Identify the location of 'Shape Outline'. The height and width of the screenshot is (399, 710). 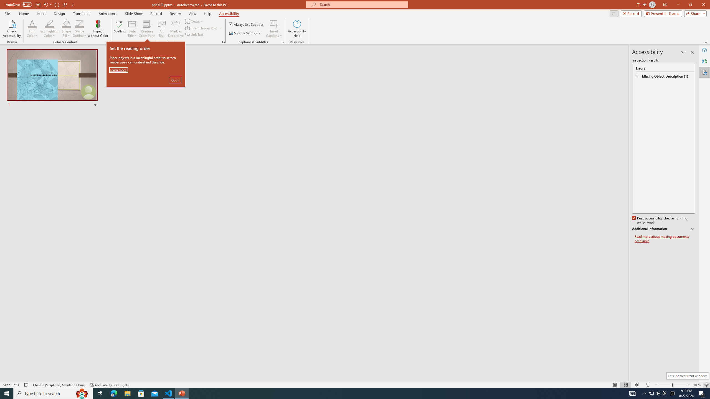
(80, 29).